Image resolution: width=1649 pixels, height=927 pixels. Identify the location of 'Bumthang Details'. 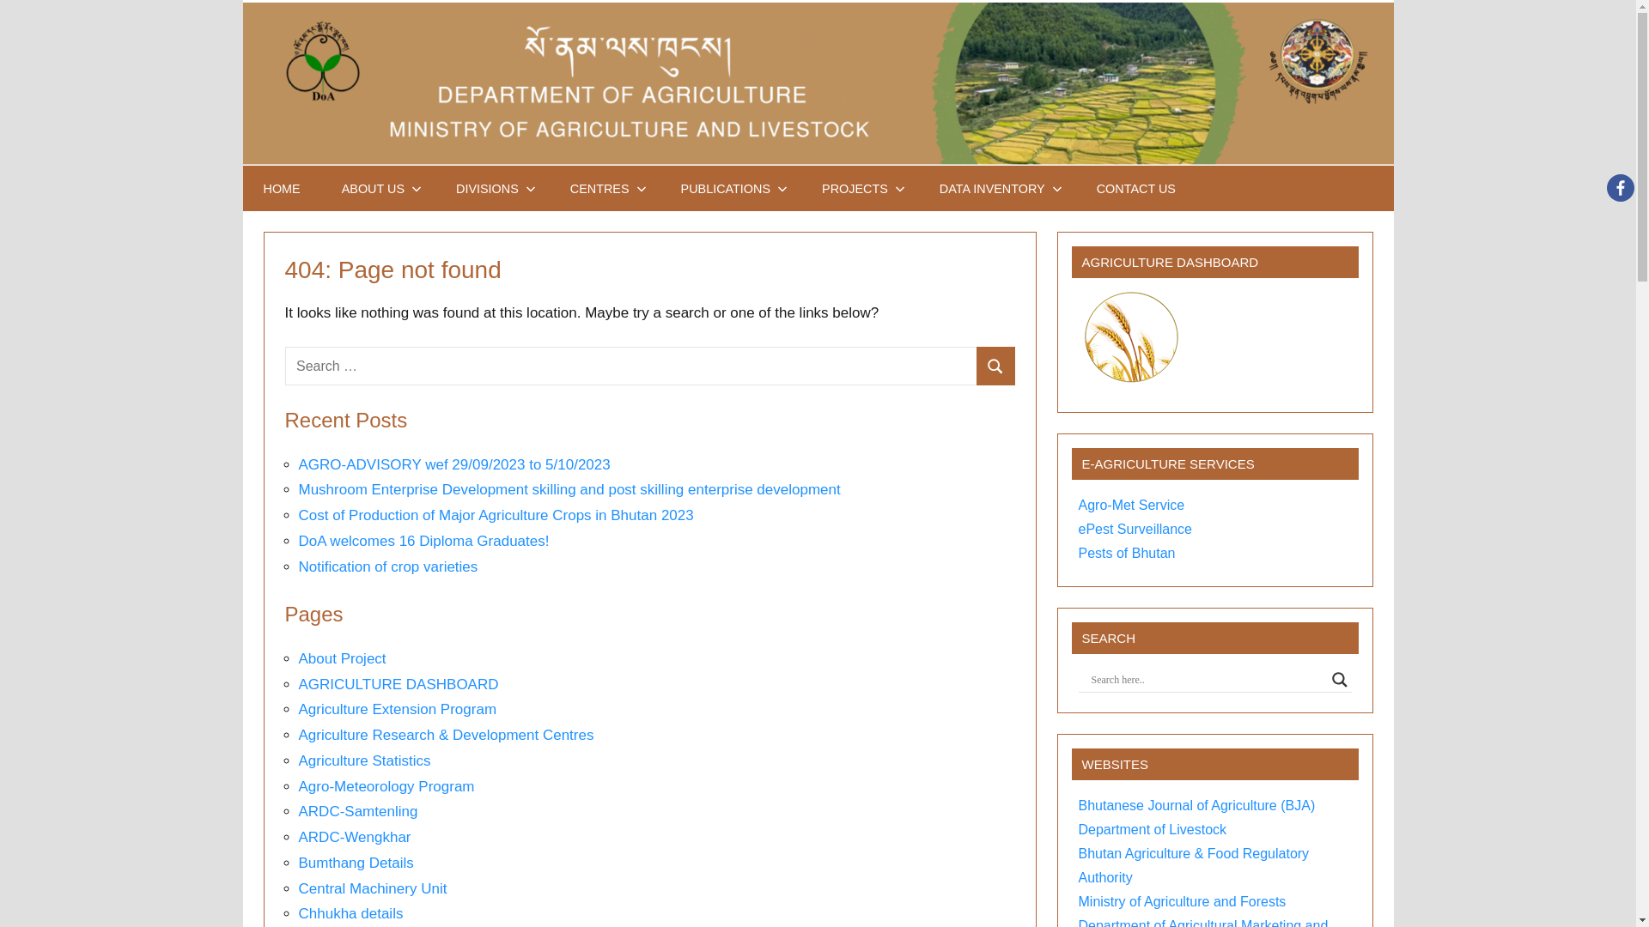
(298, 863).